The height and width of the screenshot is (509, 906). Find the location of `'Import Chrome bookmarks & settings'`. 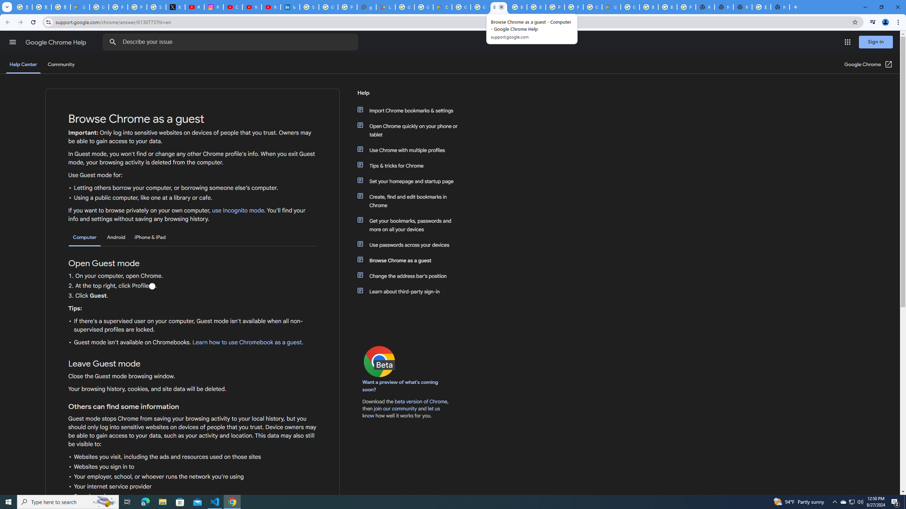

'Import Chrome bookmarks & settings' is located at coordinates (411, 111).